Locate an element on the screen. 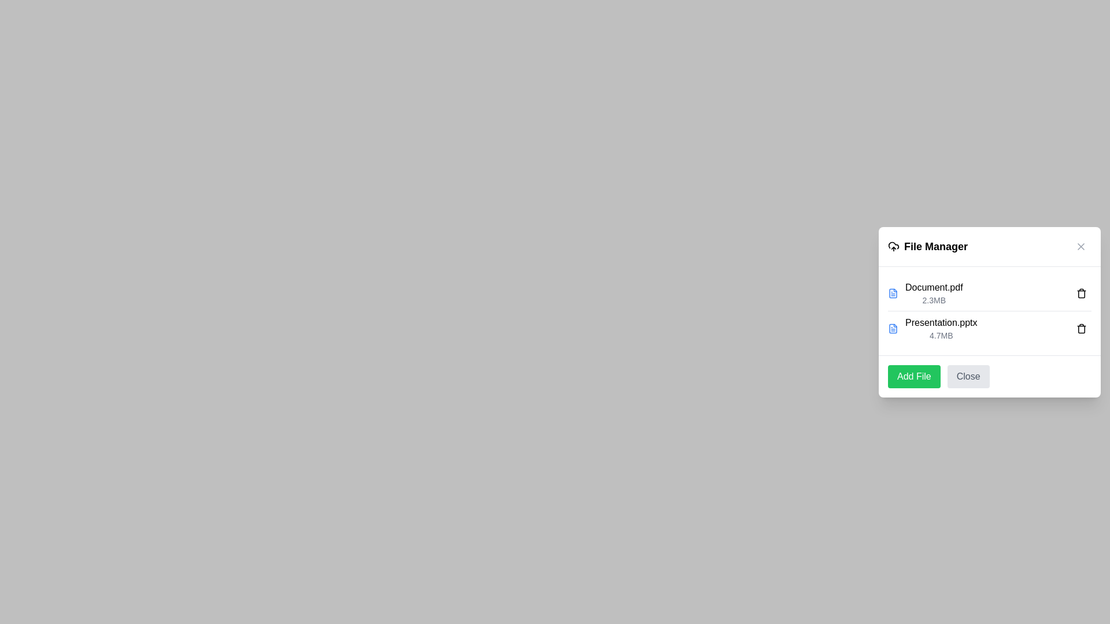  the trashcan icon located to the right of the file row labeled 'Presentation.pptx' is located at coordinates (1081, 328).